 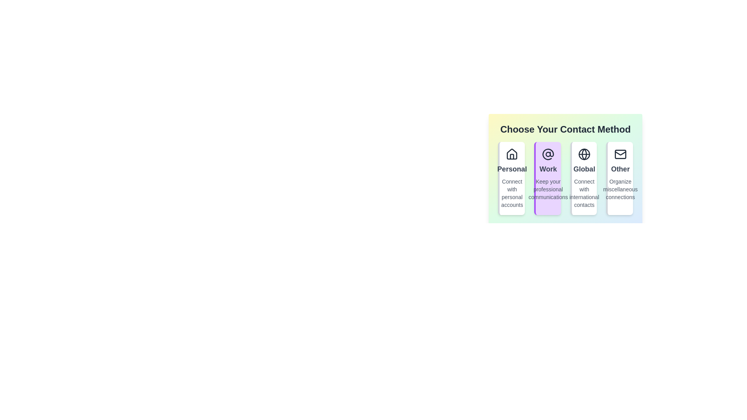 What do you see at coordinates (583, 178) in the screenshot?
I see `the contact method Global by clicking on its corresponding option` at bounding box center [583, 178].